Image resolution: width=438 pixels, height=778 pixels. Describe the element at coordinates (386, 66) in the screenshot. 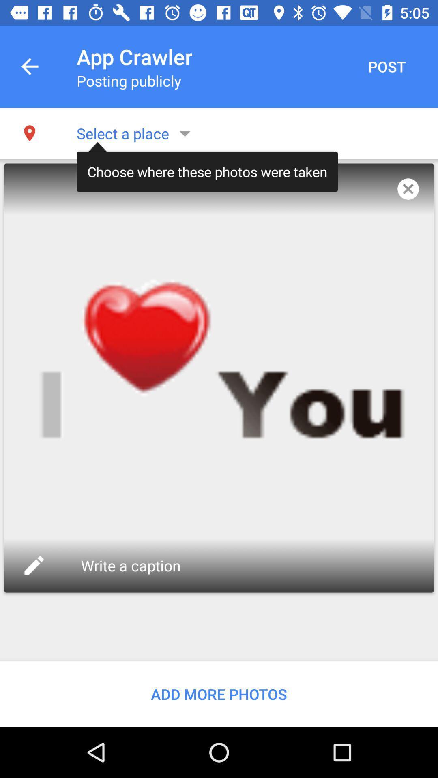

I see `the post item` at that location.